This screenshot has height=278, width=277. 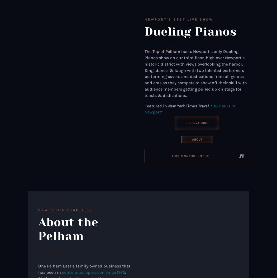 I want to click on 'continuous operation since 1975', so click(x=62, y=272).